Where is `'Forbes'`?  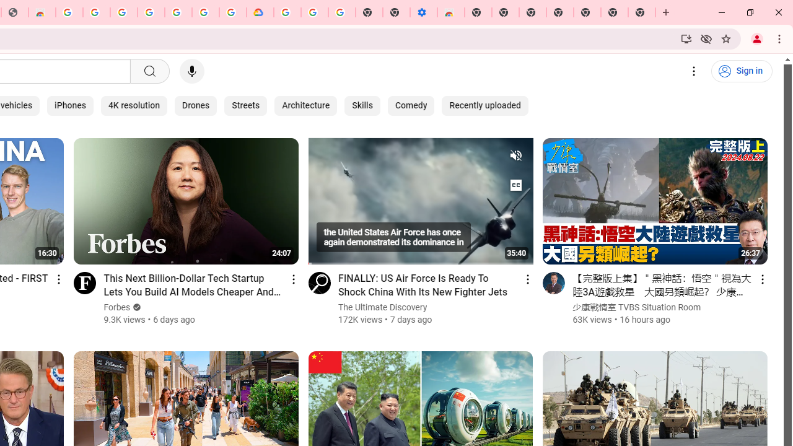 'Forbes' is located at coordinates (117, 307).